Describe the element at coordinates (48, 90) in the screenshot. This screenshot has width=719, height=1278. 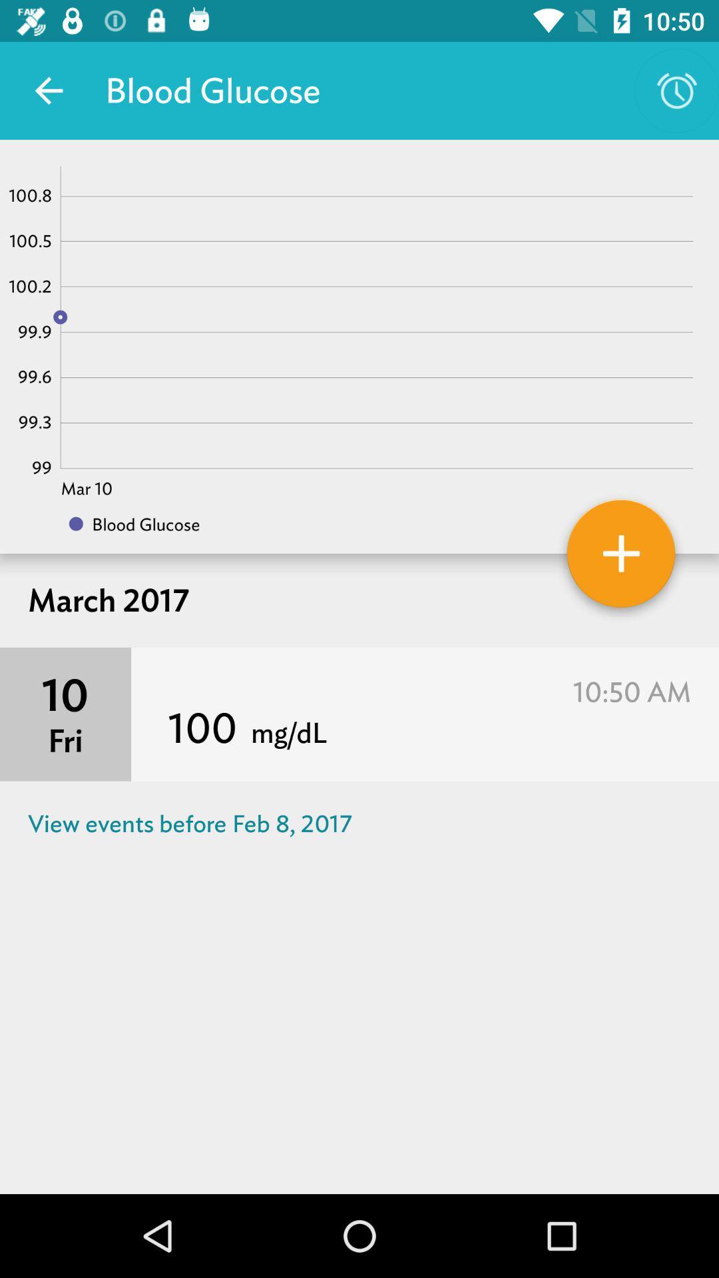
I see `return to previous screen` at that location.